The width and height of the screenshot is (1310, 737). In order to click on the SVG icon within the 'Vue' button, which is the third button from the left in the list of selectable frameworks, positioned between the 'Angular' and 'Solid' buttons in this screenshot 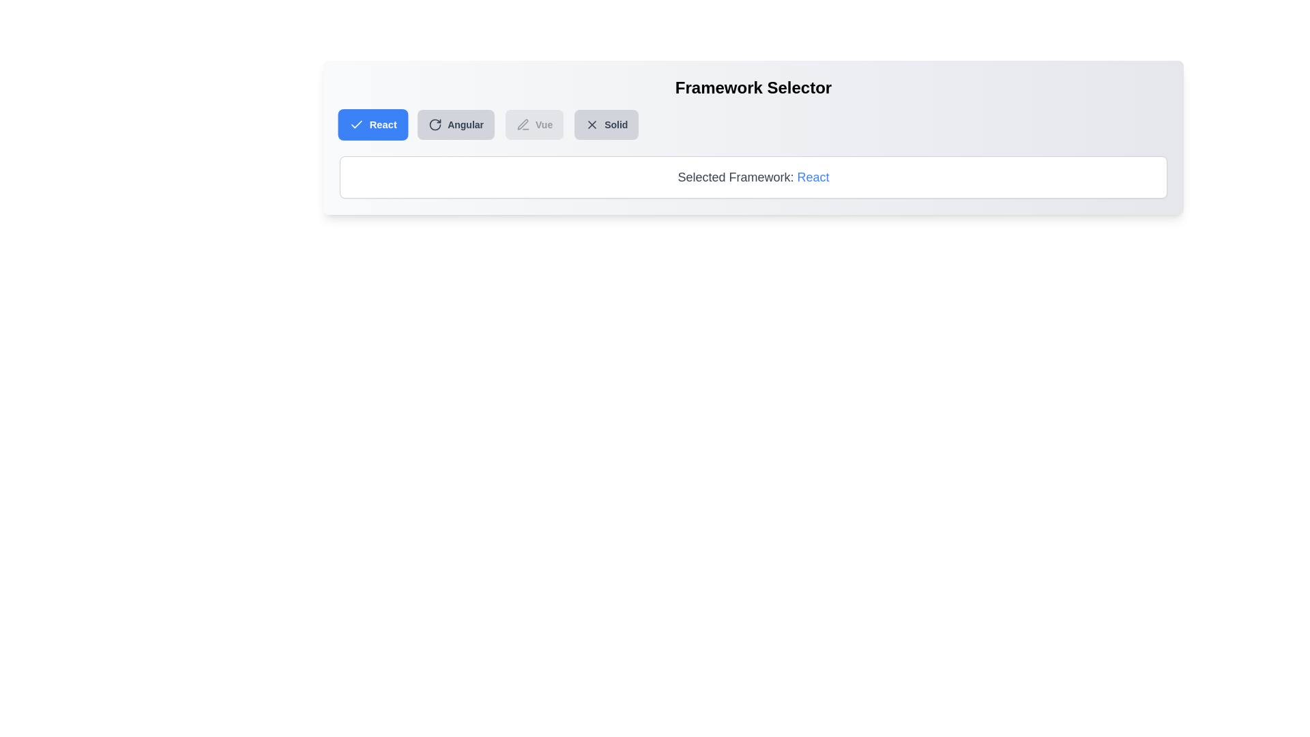, I will do `click(523, 124)`.